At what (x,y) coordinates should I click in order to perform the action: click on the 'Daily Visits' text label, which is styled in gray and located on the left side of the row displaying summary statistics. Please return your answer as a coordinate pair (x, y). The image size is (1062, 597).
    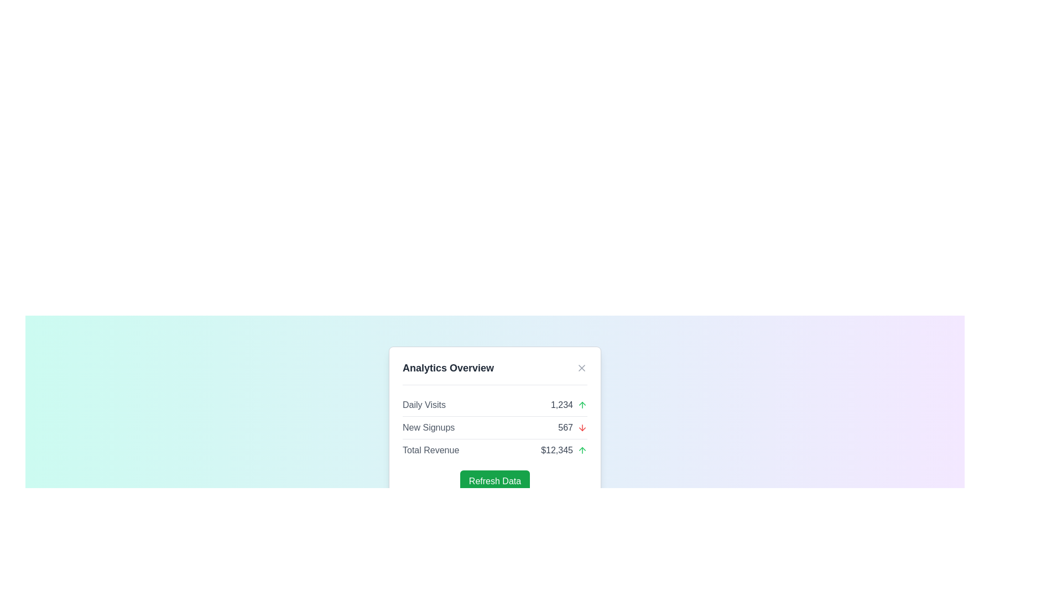
    Looking at the image, I should click on (424, 405).